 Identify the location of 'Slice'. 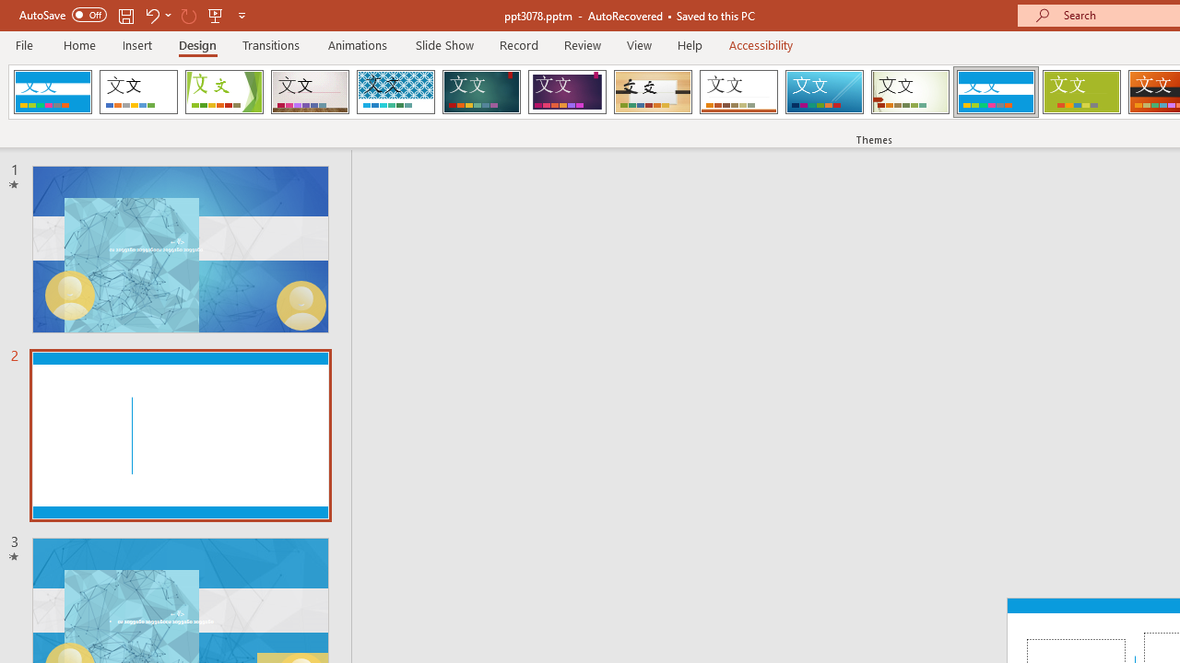
(823, 92).